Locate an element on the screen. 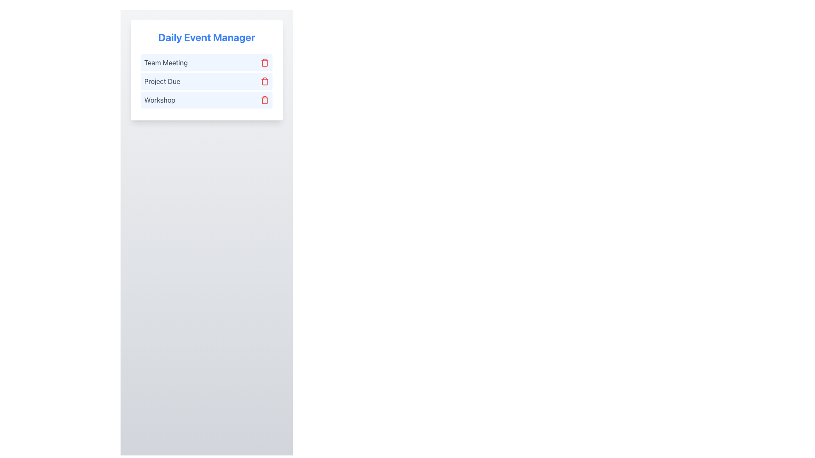 The width and height of the screenshot is (815, 458). the 'Workshop' list item, which is the third item in the vertically stacked list within the 'Daily Event Manager' card is located at coordinates (206, 99).